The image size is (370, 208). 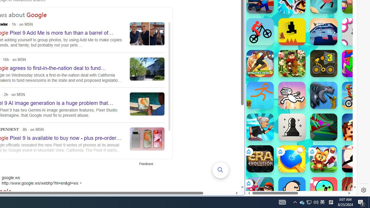 What do you see at coordinates (292, 63) in the screenshot?
I see `'Apple Knight: Farmers Market'` at bounding box center [292, 63].